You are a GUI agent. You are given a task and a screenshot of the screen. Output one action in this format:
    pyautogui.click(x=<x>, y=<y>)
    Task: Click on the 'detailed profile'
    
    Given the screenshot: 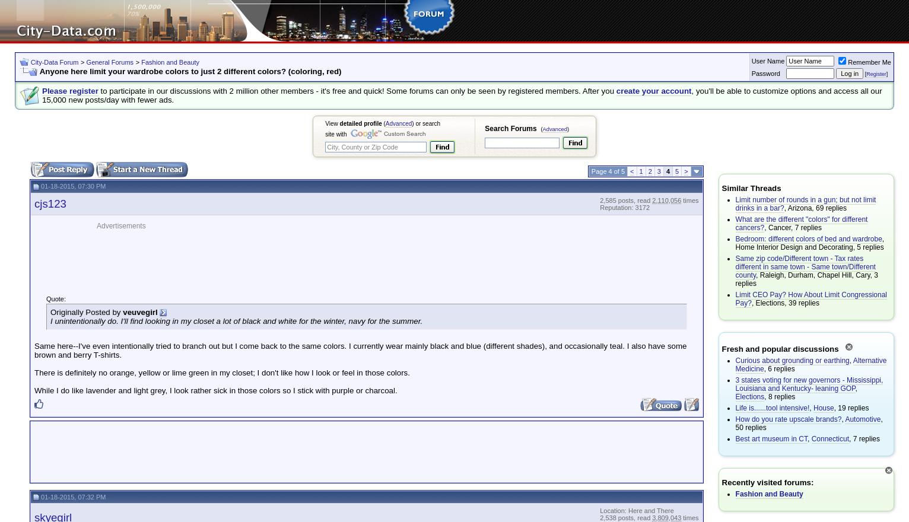 What is the action you would take?
    pyautogui.click(x=339, y=123)
    